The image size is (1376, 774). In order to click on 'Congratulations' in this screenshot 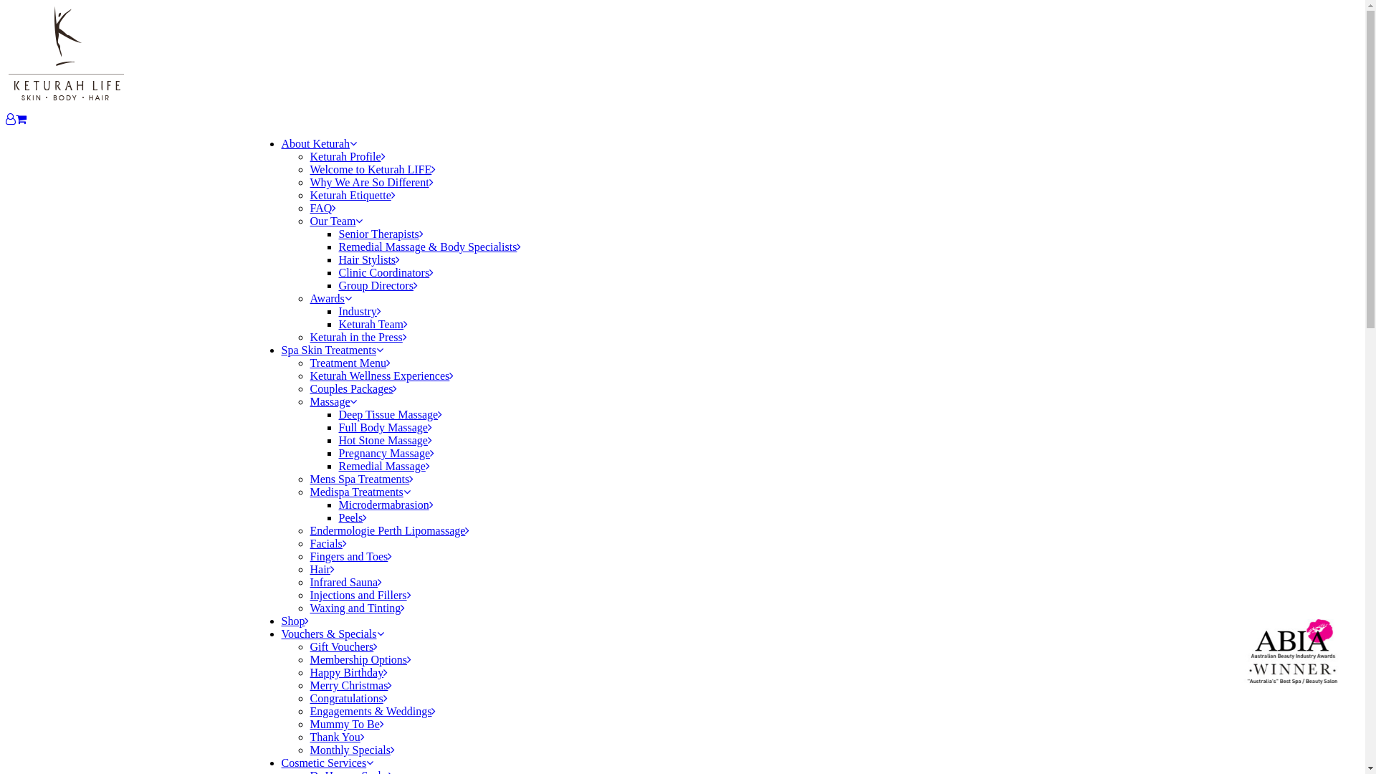, I will do `click(309, 697)`.